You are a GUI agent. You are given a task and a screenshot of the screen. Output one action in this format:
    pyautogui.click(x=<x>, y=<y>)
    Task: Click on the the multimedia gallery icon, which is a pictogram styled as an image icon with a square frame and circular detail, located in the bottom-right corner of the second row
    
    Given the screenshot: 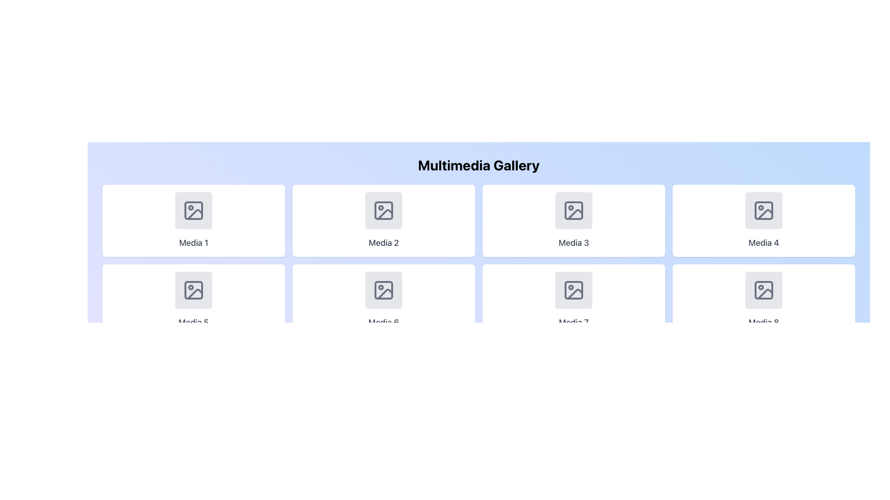 What is the action you would take?
    pyautogui.click(x=763, y=290)
    